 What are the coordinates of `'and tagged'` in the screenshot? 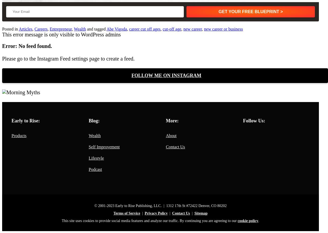 It's located at (96, 29).